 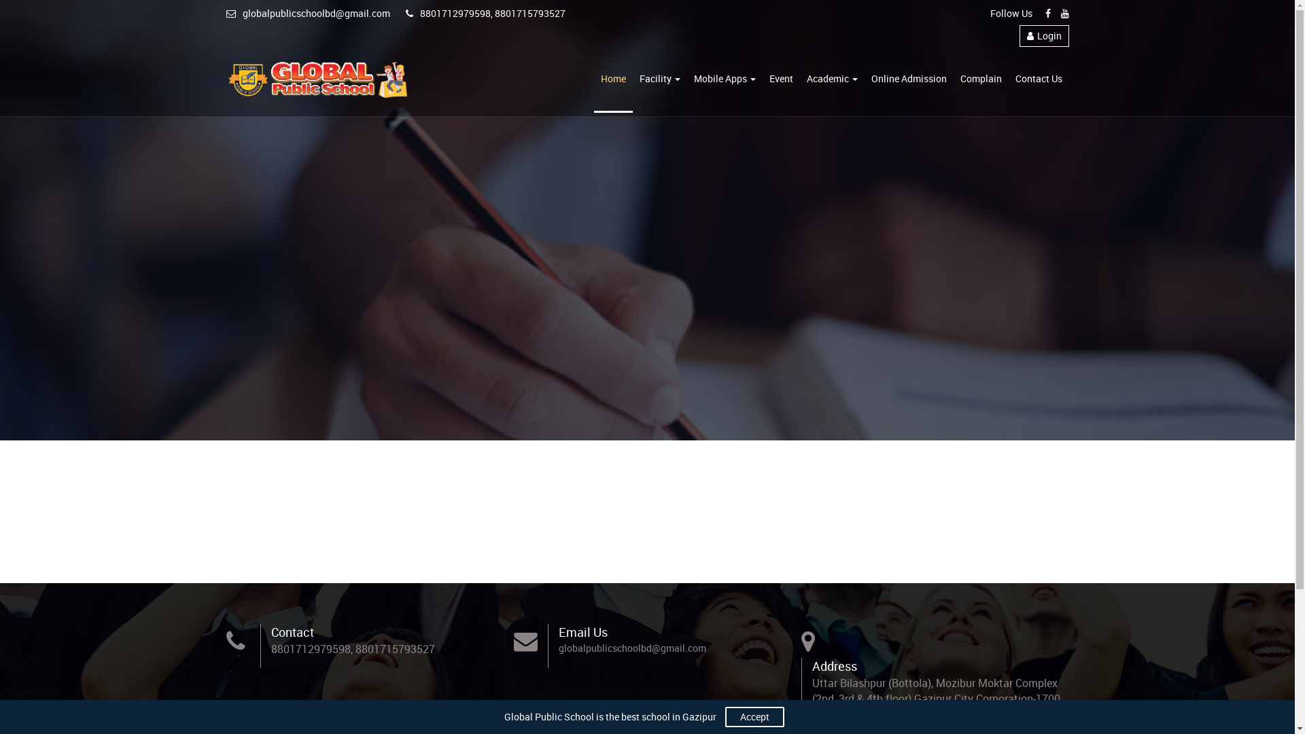 What do you see at coordinates (834, 665) in the screenshot?
I see `'Address'` at bounding box center [834, 665].